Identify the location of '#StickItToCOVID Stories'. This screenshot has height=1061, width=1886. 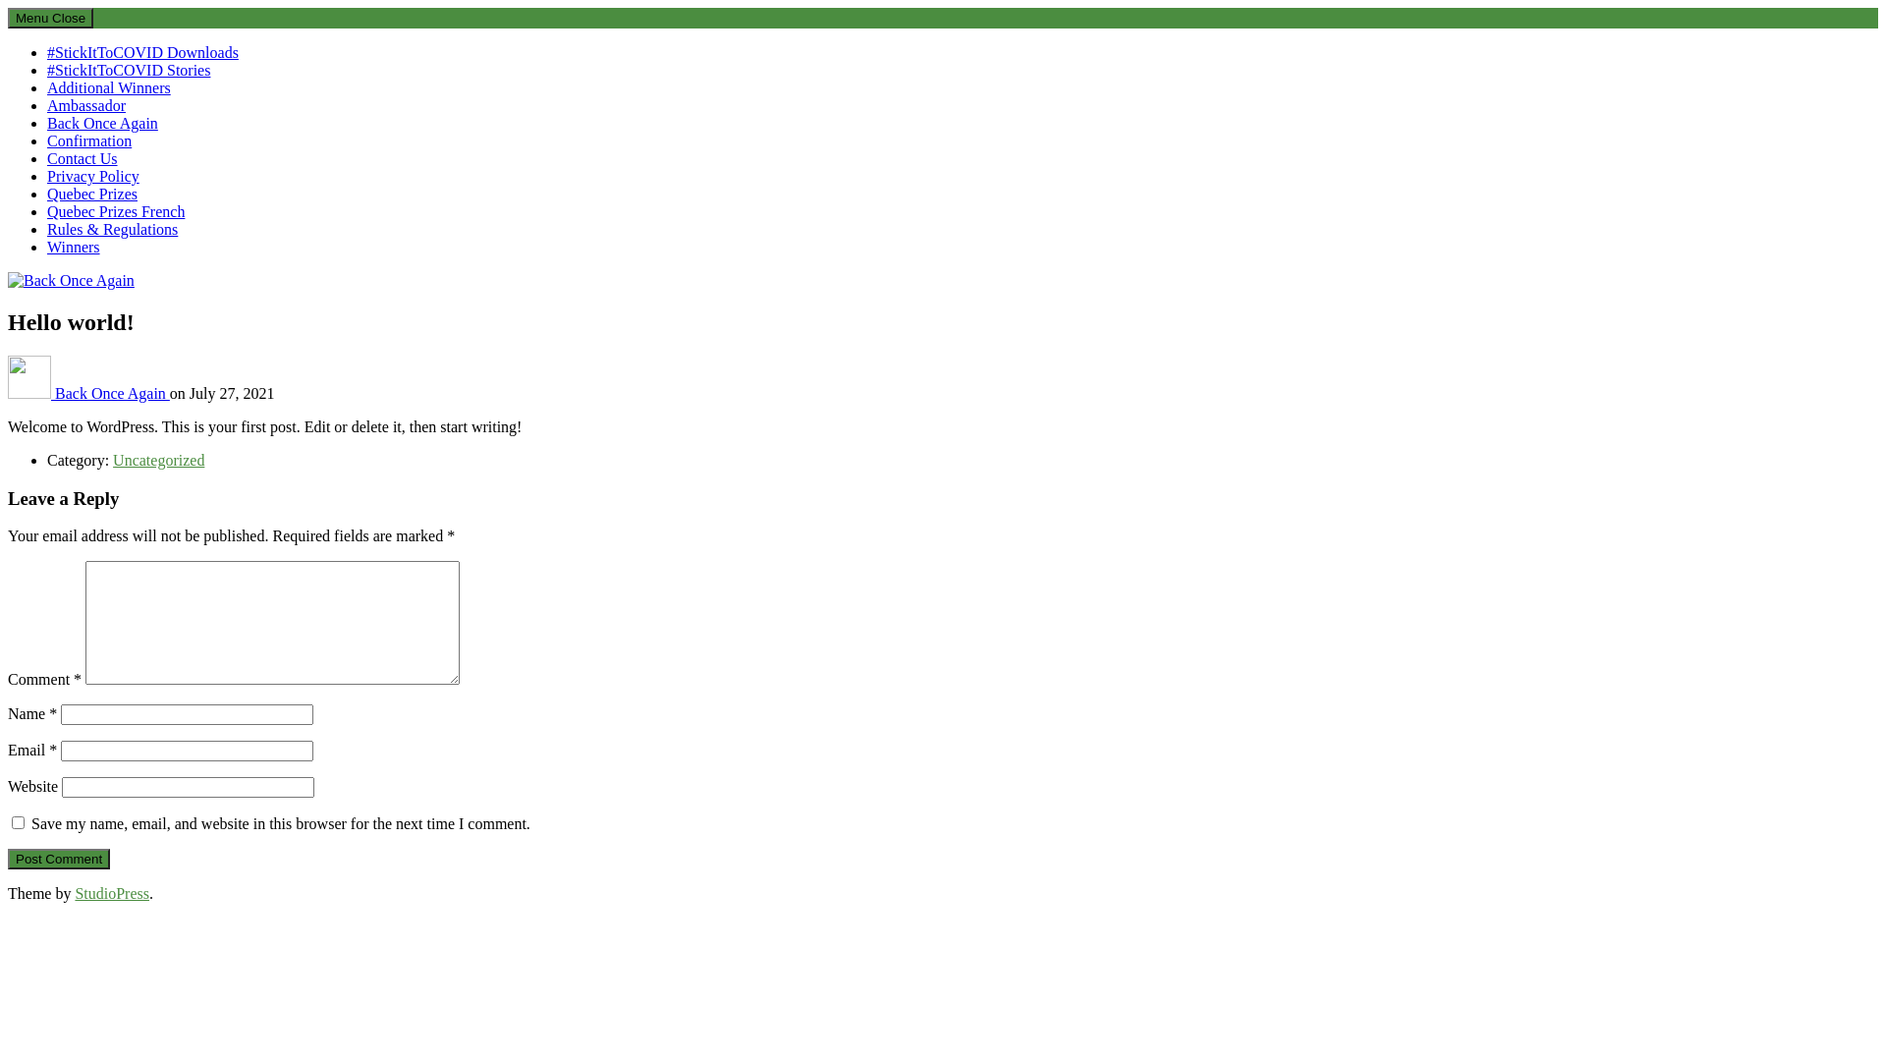
(47, 69).